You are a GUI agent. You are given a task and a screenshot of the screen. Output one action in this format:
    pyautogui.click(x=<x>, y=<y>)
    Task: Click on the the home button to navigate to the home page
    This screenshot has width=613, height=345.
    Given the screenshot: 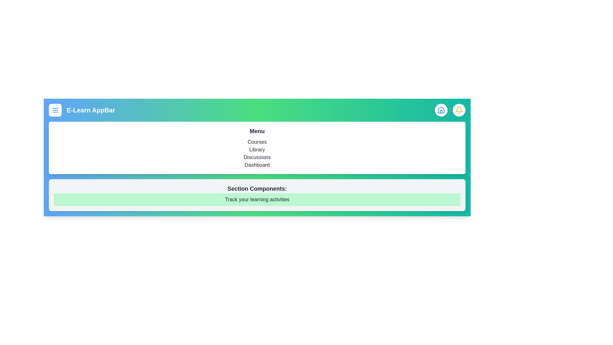 What is the action you would take?
    pyautogui.click(x=441, y=110)
    